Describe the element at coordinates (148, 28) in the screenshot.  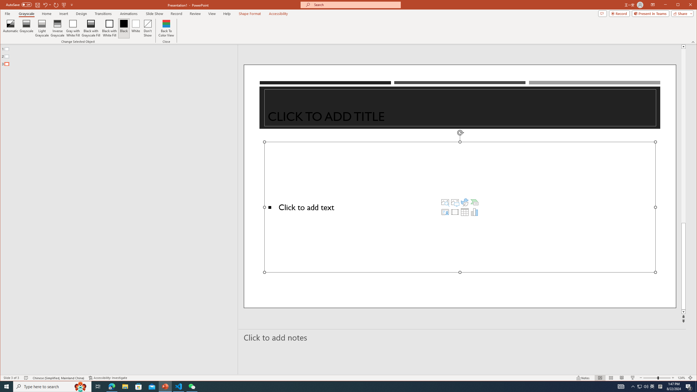
I see `'Don'` at that location.